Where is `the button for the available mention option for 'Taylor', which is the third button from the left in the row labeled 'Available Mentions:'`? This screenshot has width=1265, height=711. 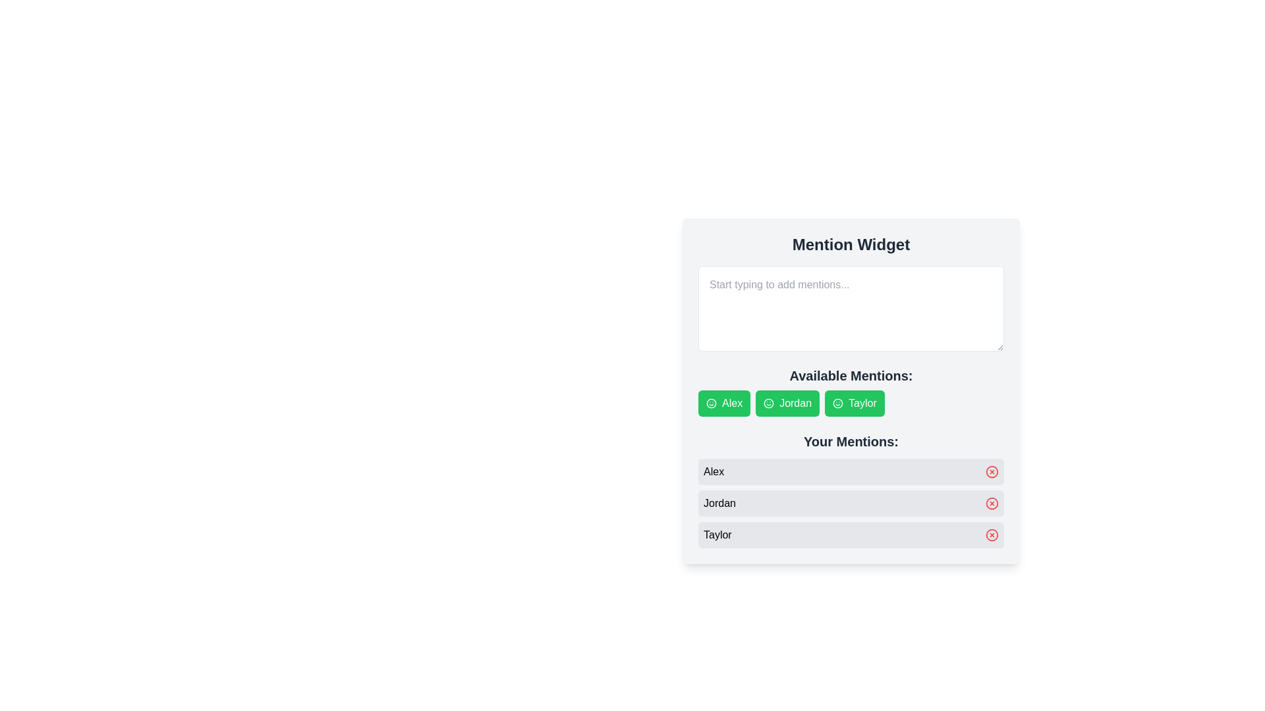
the button for the available mention option for 'Taylor', which is the third button from the left in the row labeled 'Available Mentions:' is located at coordinates (855, 403).